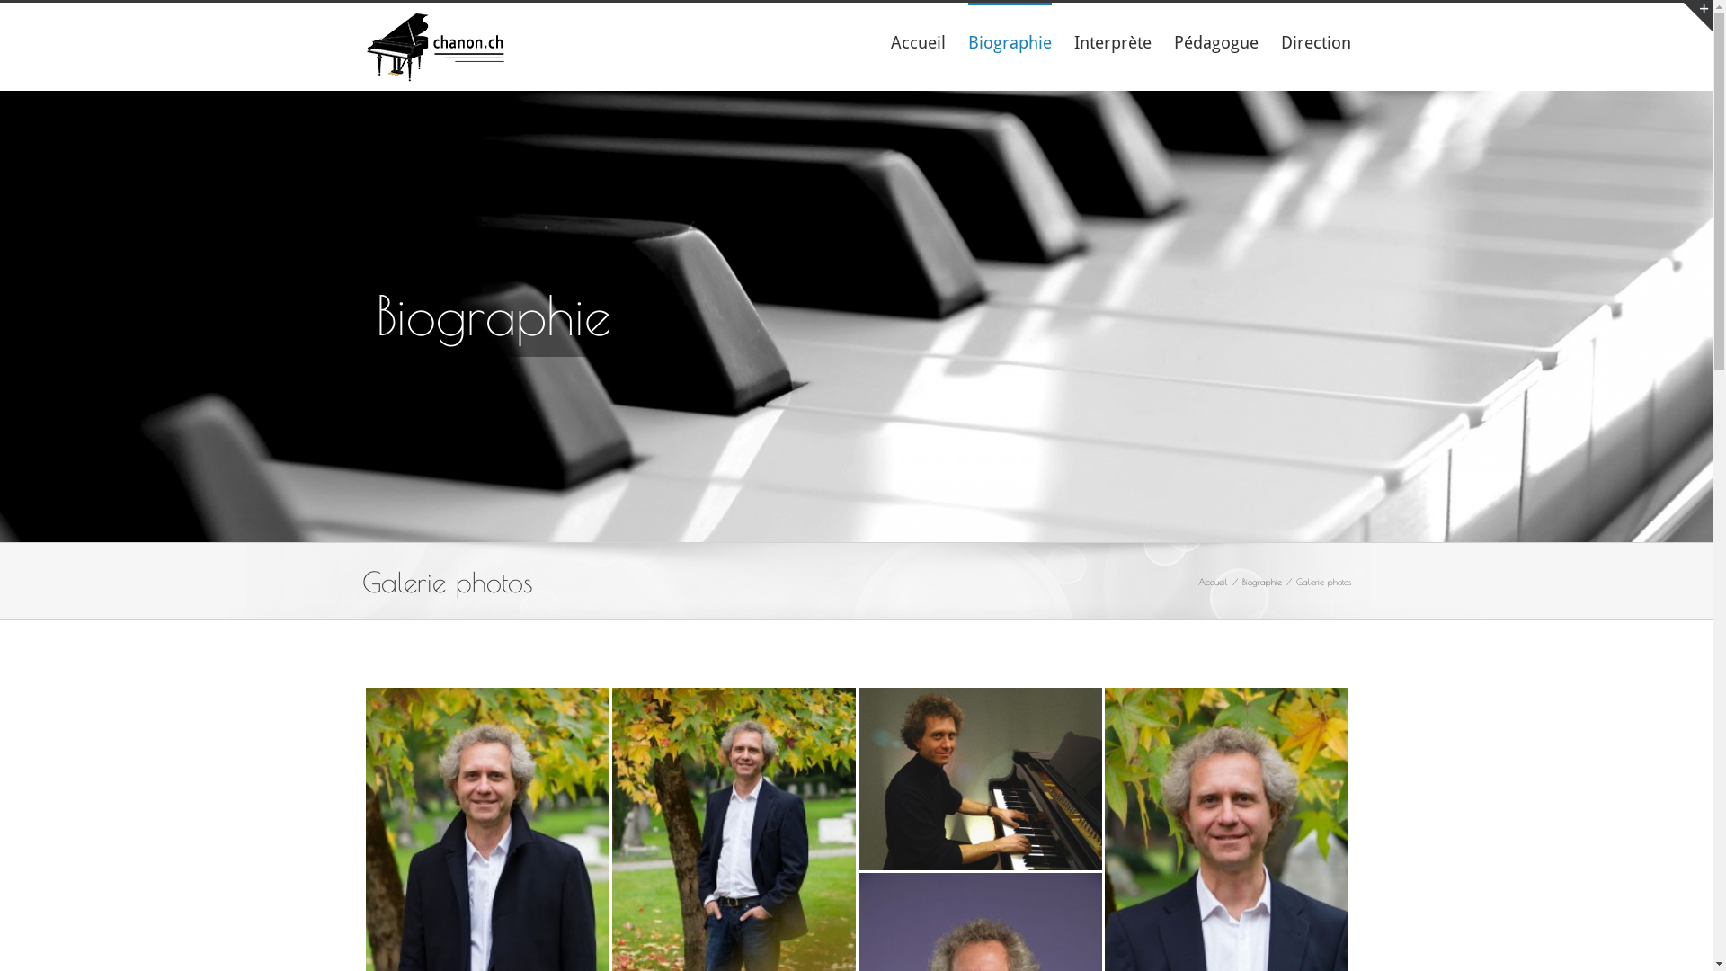 The image size is (1726, 971). I want to click on 'Biographie', so click(1009, 40).